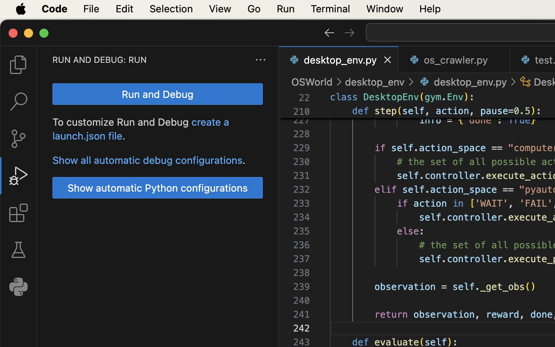 The width and height of the screenshot is (555, 347). Describe the element at coordinates (391, 97) in the screenshot. I see `'DesktopEnv'` at that location.